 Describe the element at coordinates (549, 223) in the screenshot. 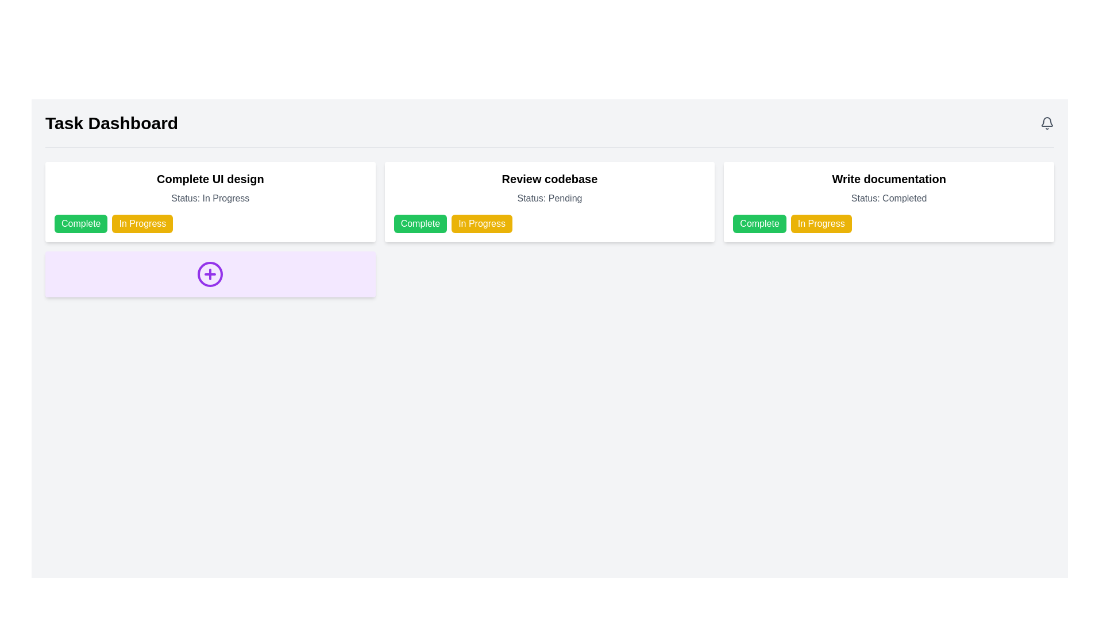

I see `the 'Complete' button to update the status of the task 'Review codebase' from 'Pending' to 'Complete' within the Task Dashboard` at that location.